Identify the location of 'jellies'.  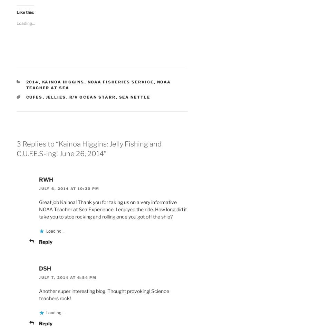
(56, 97).